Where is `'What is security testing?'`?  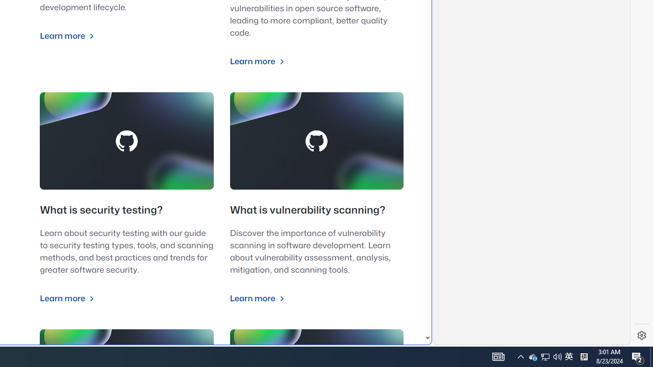
'What is security testing?' is located at coordinates (101, 210).